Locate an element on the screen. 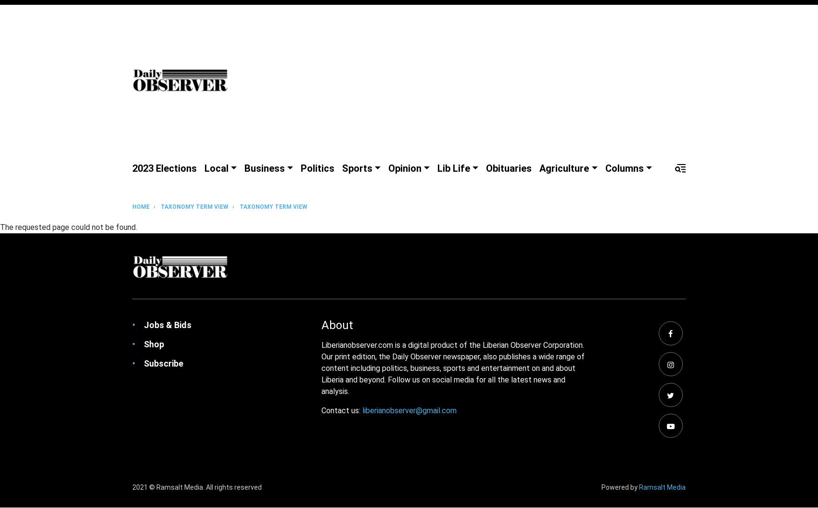 The width and height of the screenshot is (818, 508). 'Liberianobserver.com is a digital product of the Liberian Observer Corporation. Our print edition, the Daily Observer newspaper, also publishes a wide range of content including politics, business, sports and entertainment on and about Liberia and beyond. Follow us on social media for all the latest news and analysis.' is located at coordinates (453, 368).